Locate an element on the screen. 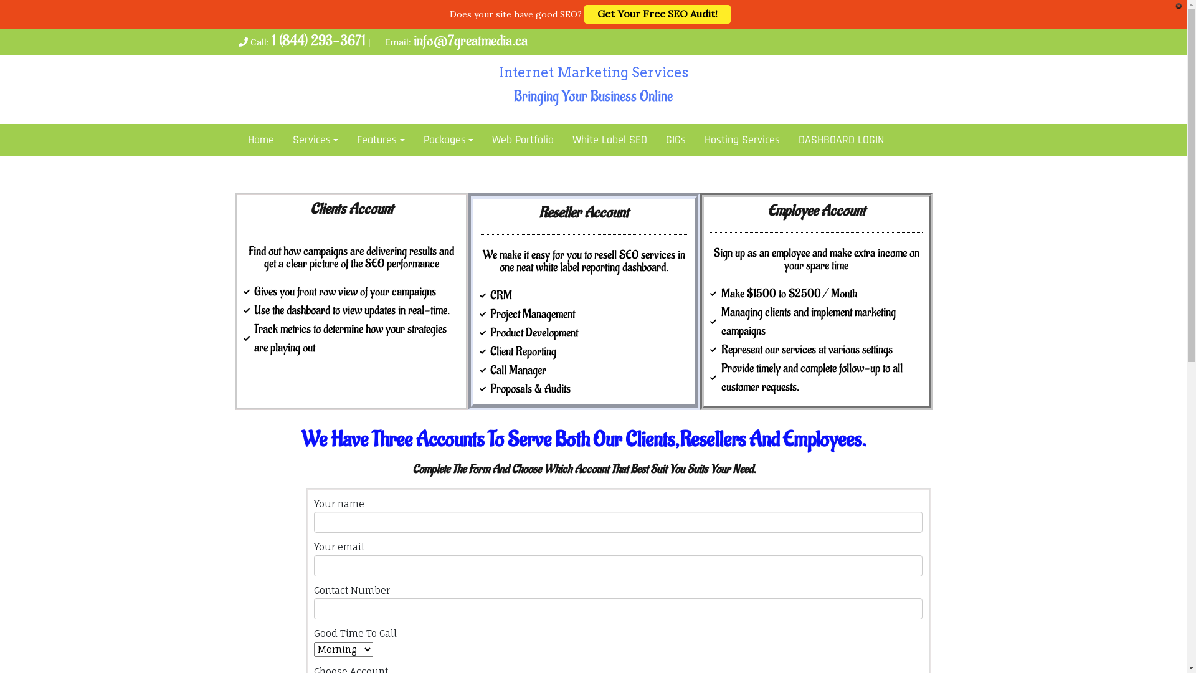 The width and height of the screenshot is (1196, 673). 'White Label SEO' is located at coordinates (610, 140).